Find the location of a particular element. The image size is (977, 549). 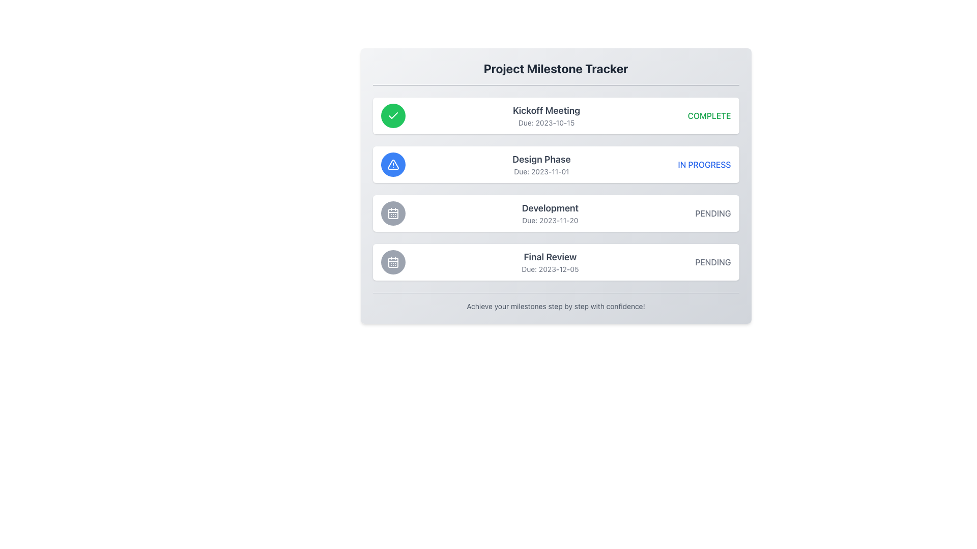

text content of the status indicator label located at the far-right side of the fourth row in the list of milestone cards, next to the text 'Final Review' is located at coordinates (712, 262).